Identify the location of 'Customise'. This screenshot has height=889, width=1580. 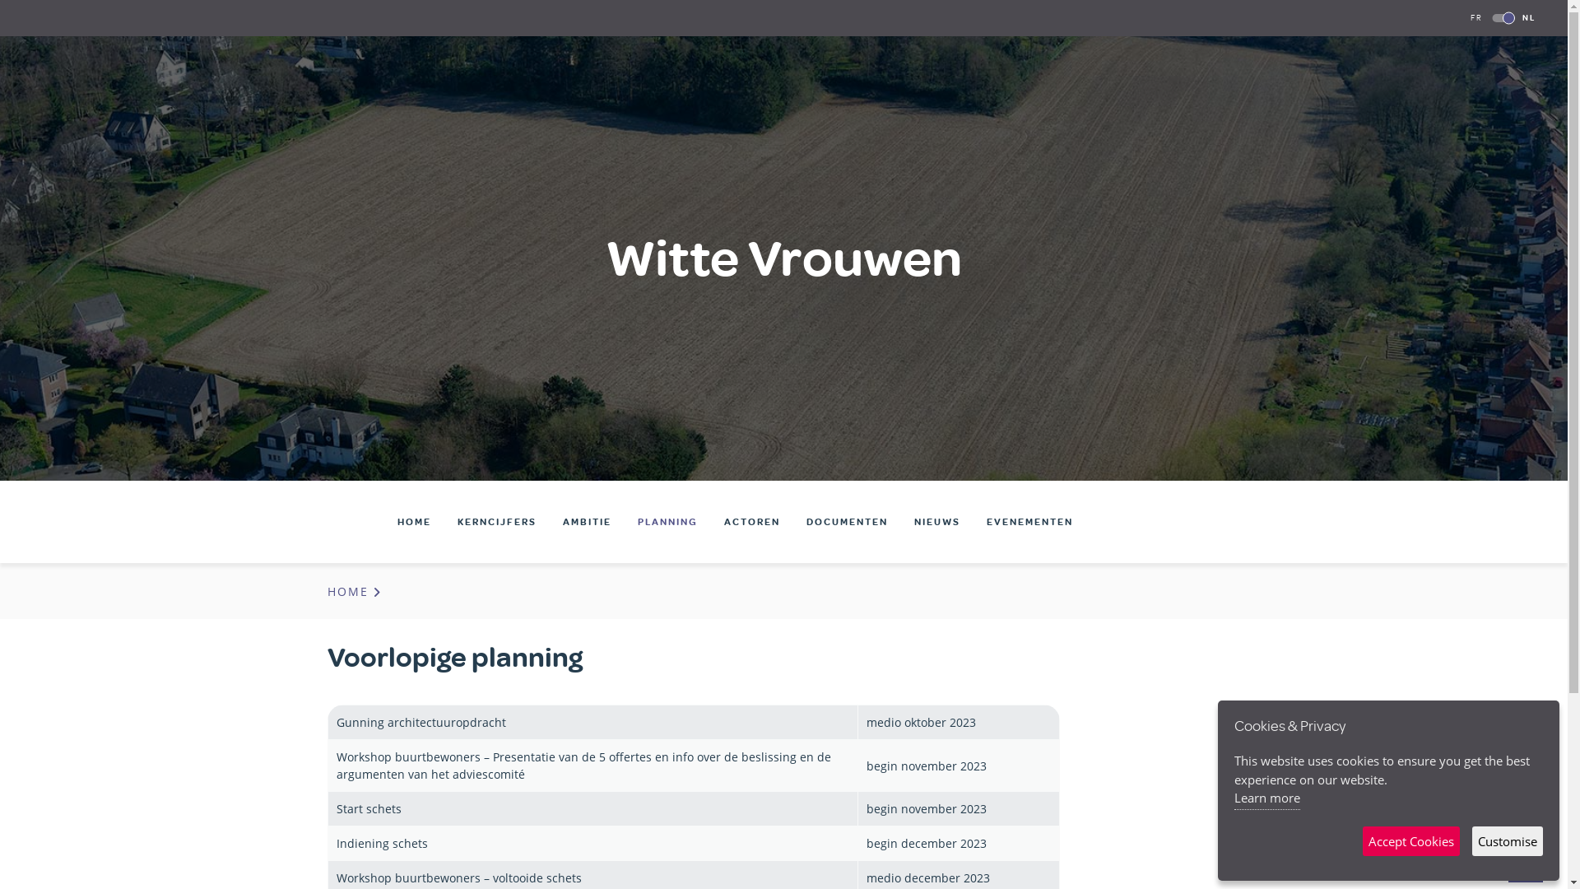
(1508, 841).